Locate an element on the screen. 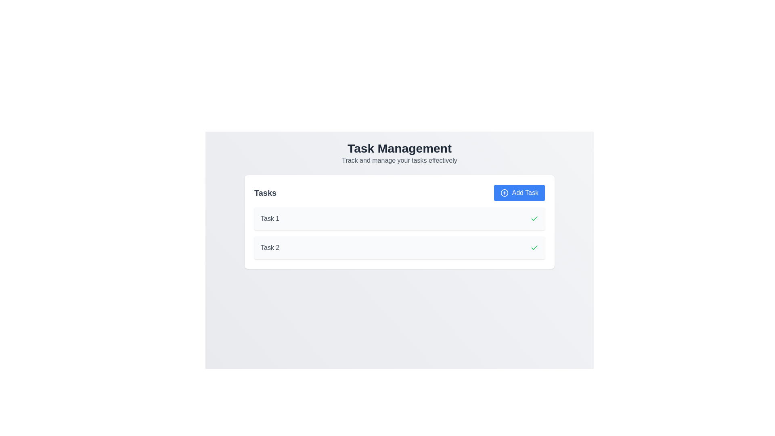 The image size is (775, 436). the main title text label indicating the purpose of the task management interface, which is centered at the top of the visible content area is located at coordinates (399, 148).